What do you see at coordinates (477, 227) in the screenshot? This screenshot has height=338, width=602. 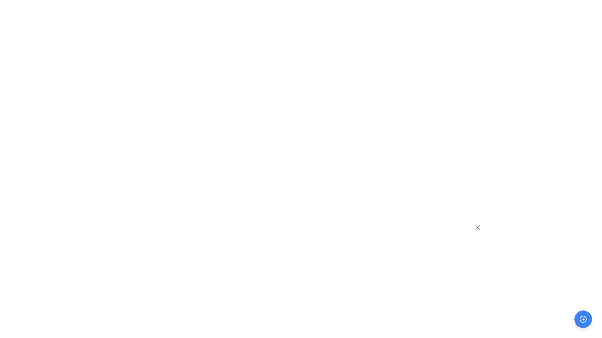 I see `the gray diagonal cross icon representing 'close' or 'cancel' functionality` at bounding box center [477, 227].